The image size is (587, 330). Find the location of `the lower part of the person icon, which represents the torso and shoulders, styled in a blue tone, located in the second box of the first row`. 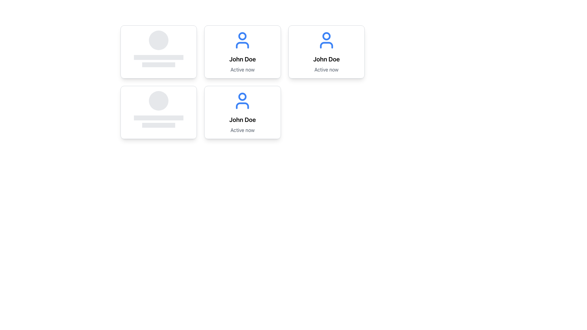

the lower part of the person icon, which represents the torso and shoulders, styled in a blue tone, located in the second box of the first row is located at coordinates (326, 45).